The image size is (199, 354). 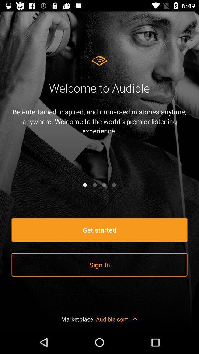 I want to click on sign in, so click(x=99, y=265).